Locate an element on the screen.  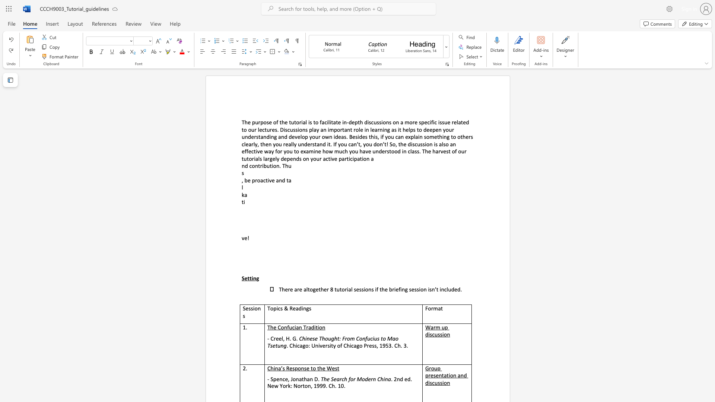
the subset text "D." within the text "- Spence, Jonathan D." is located at coordinates (314, 379).